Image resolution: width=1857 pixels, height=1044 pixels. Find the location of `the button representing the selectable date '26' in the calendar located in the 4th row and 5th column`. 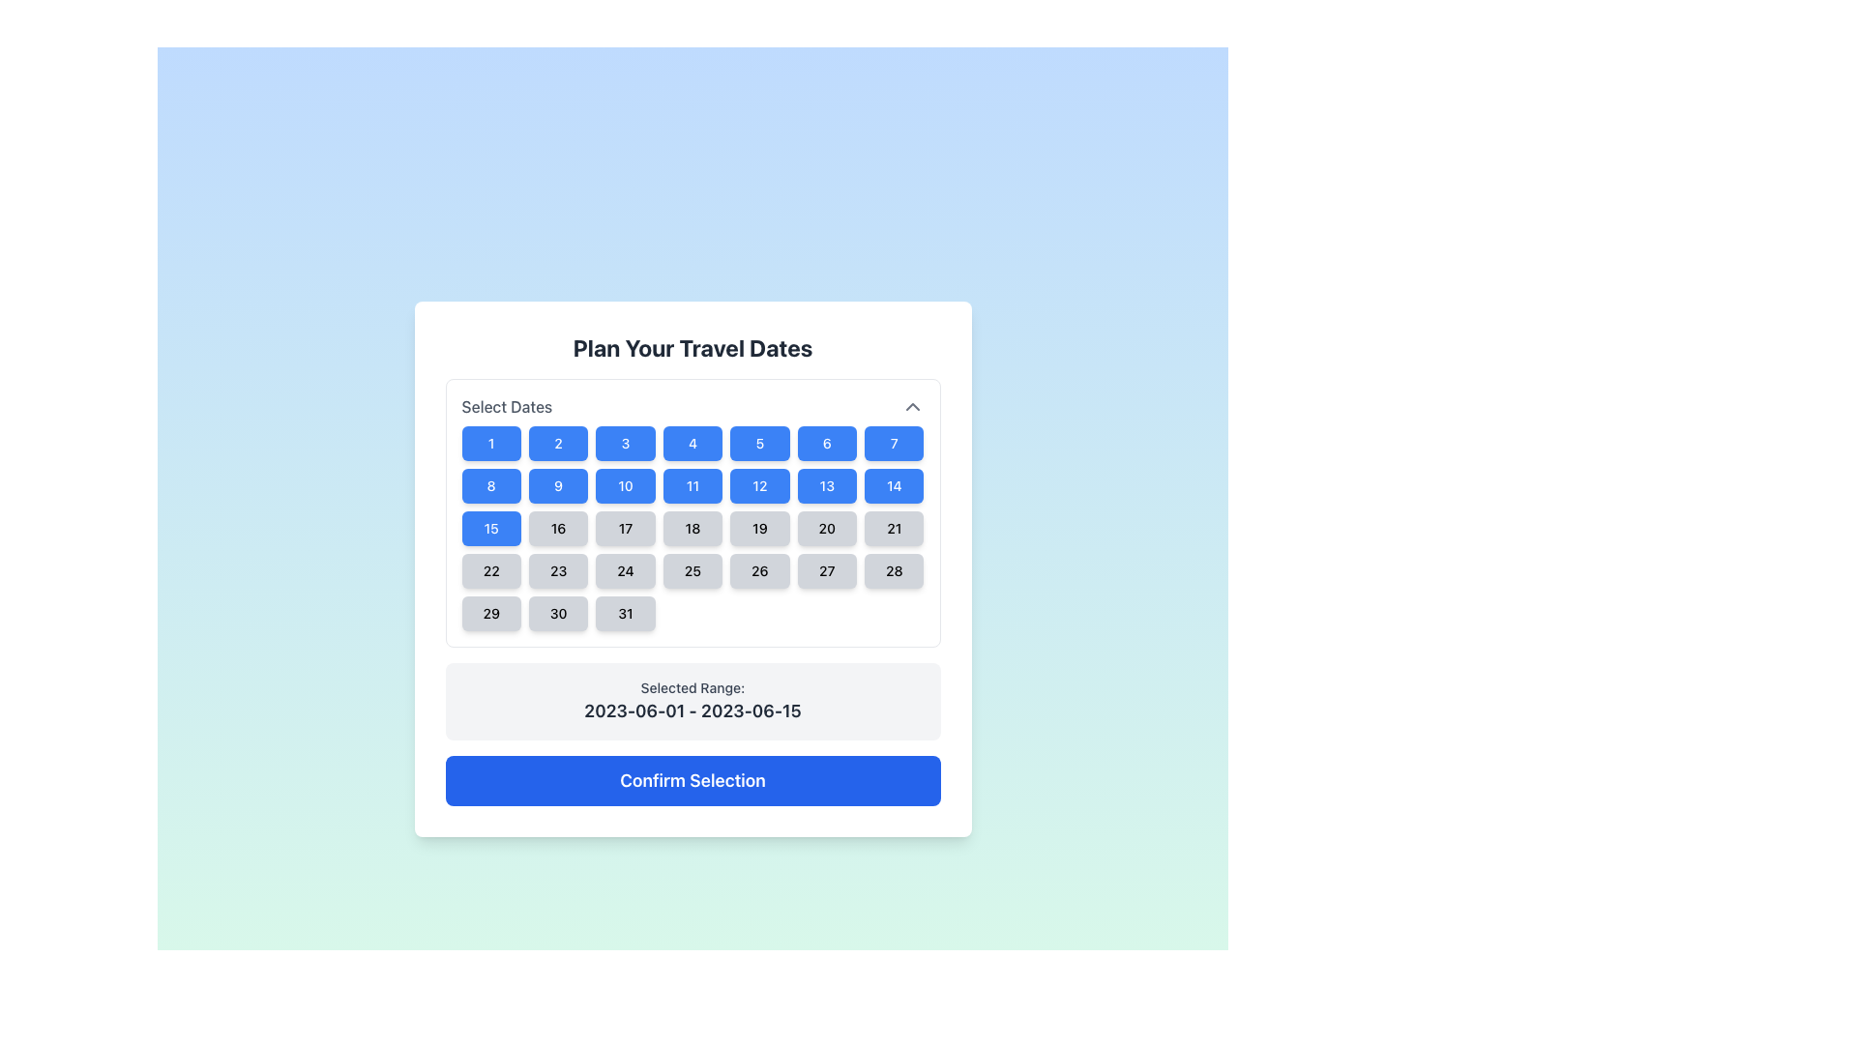

the button representing the selectable date '26' in the calendar located in the 4th row and 5th column is located at coordinates (758, 569).